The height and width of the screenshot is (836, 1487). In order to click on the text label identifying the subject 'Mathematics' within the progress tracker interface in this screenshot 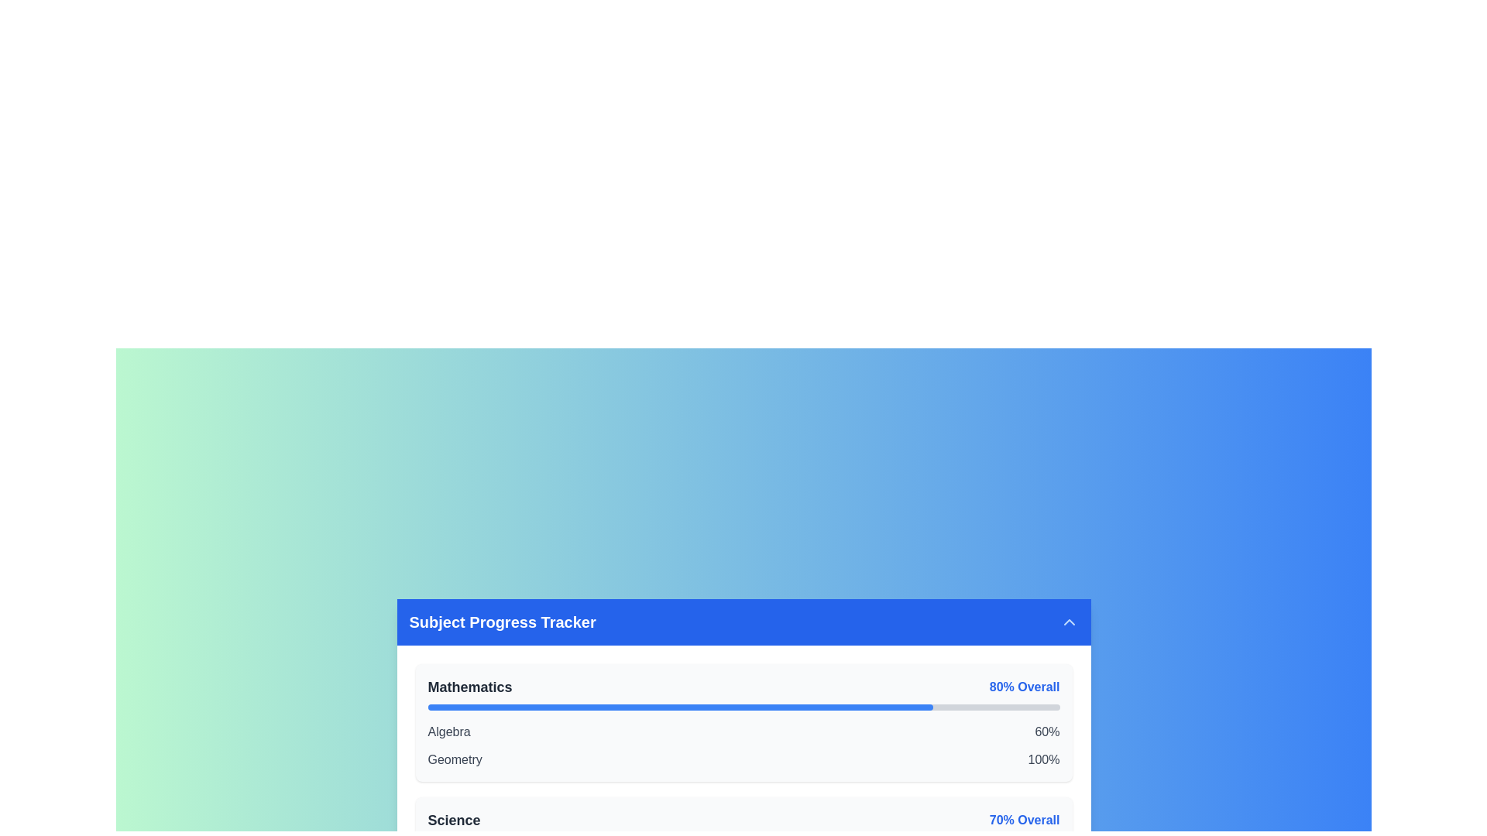, I will do `click(469, 686)`.